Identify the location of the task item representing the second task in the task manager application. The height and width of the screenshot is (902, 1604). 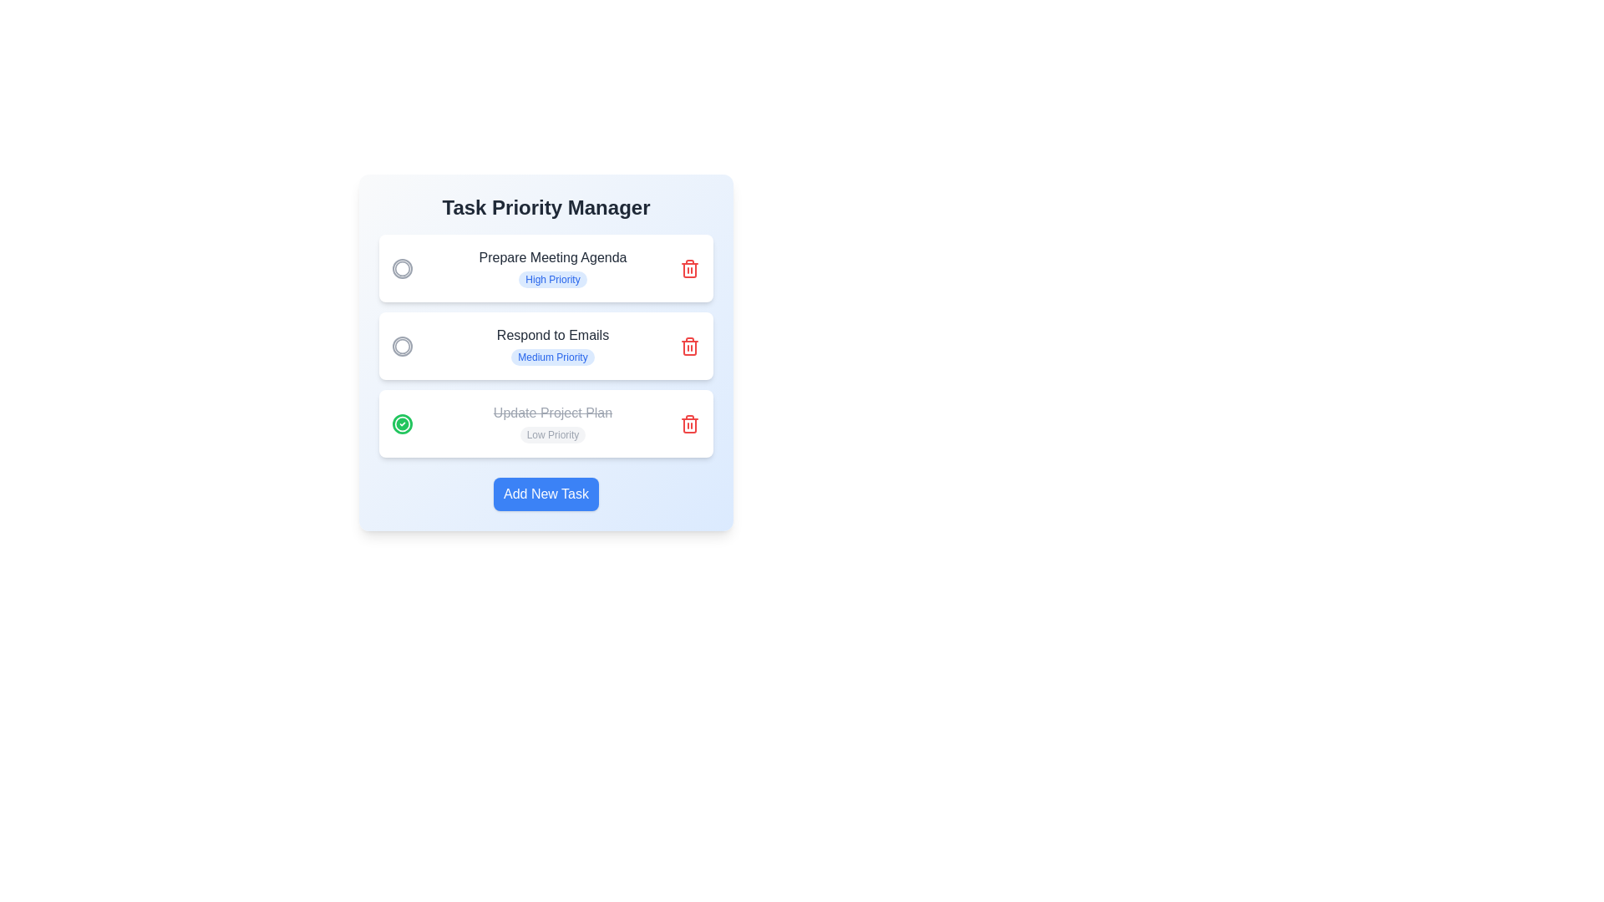
(553, 344).